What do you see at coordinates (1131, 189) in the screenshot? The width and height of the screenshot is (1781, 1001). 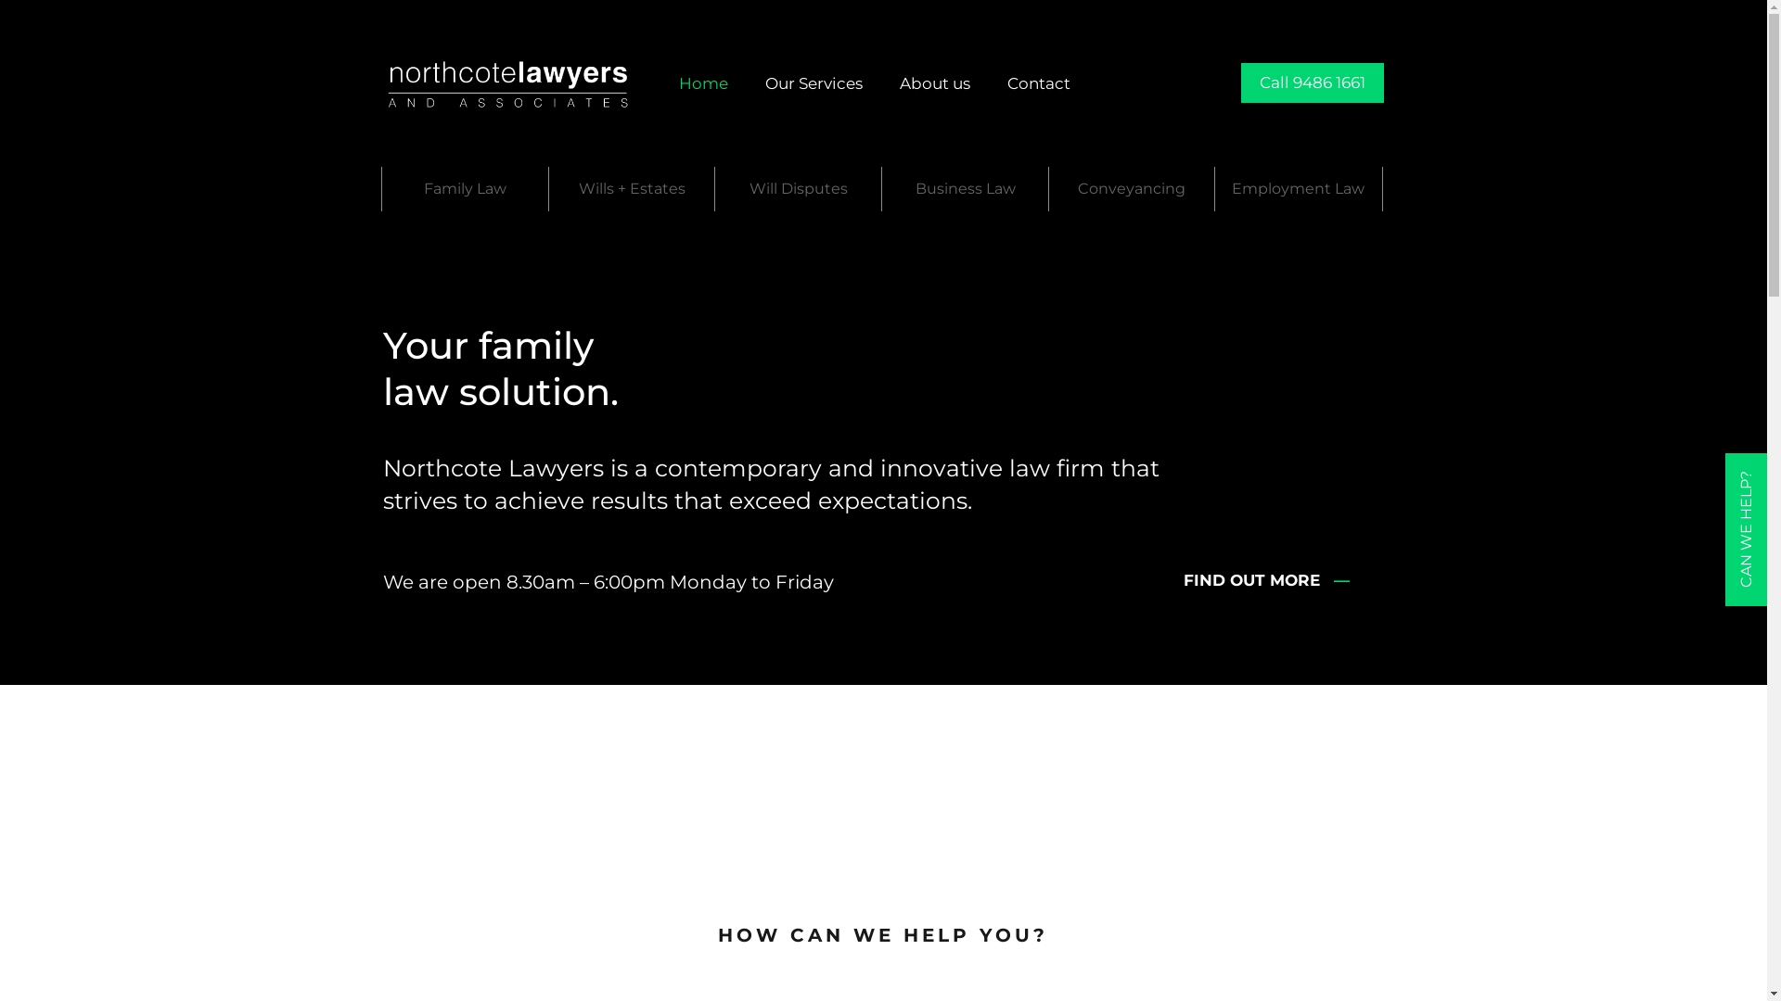 I see `'Conveyancing'` at bounding box center [1131, 189].